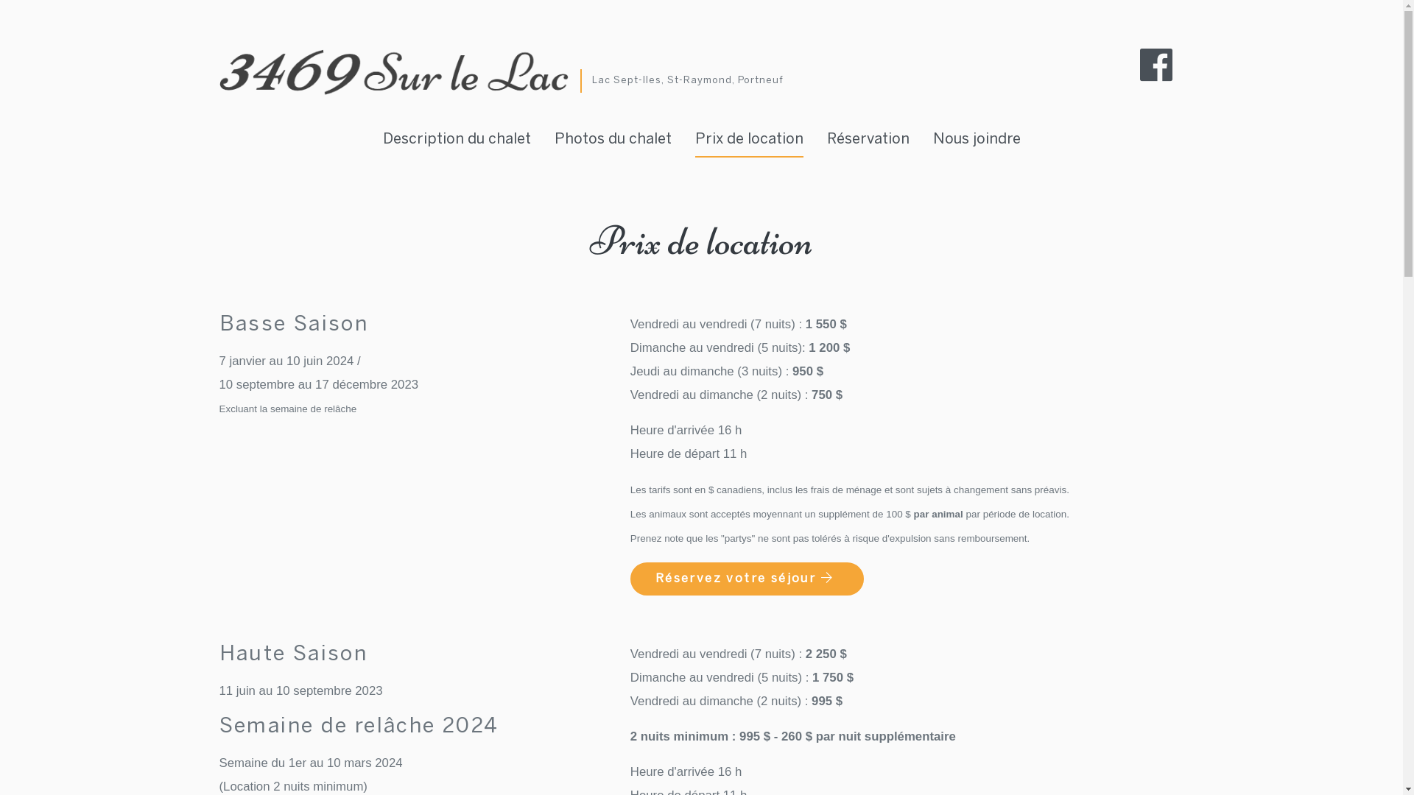 The width and height of the screenshot is (1414, 795). What do you see at coordinates (612, 139) in the screenshot?
I see `'Photos du chalet'` at bounding box center [612, 139].